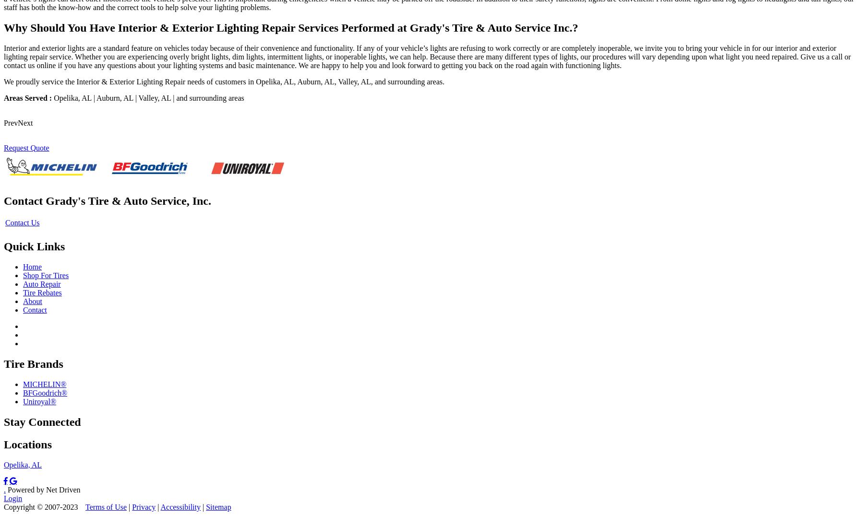 The width and height of the screenshot is (865, 515). What do you see at coordinates (160, 506) in the screenshot?
I see `'Accessibility'` at bounding box center [160, 506].